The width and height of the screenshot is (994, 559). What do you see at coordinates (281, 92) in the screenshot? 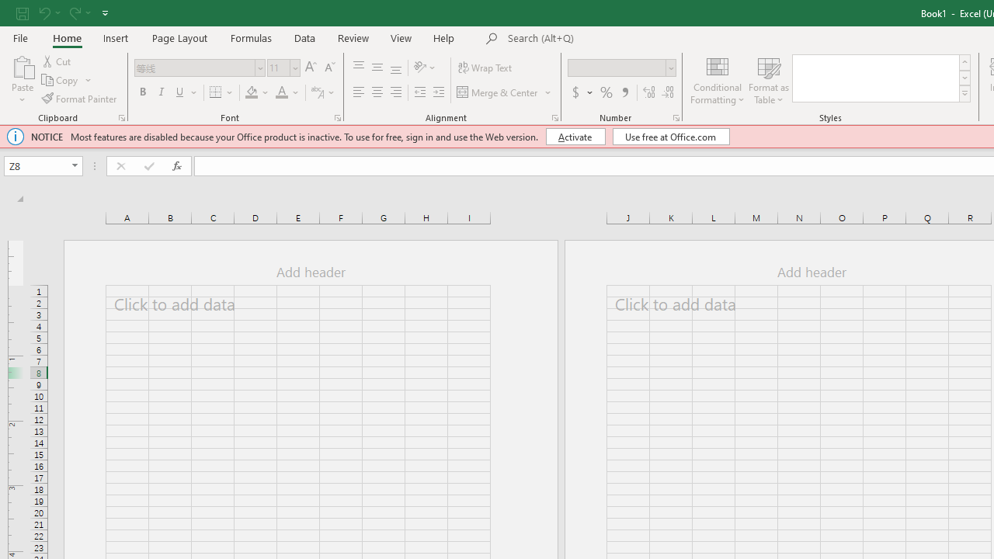
I see `'Font Color'` at bounding box center [281, 92].